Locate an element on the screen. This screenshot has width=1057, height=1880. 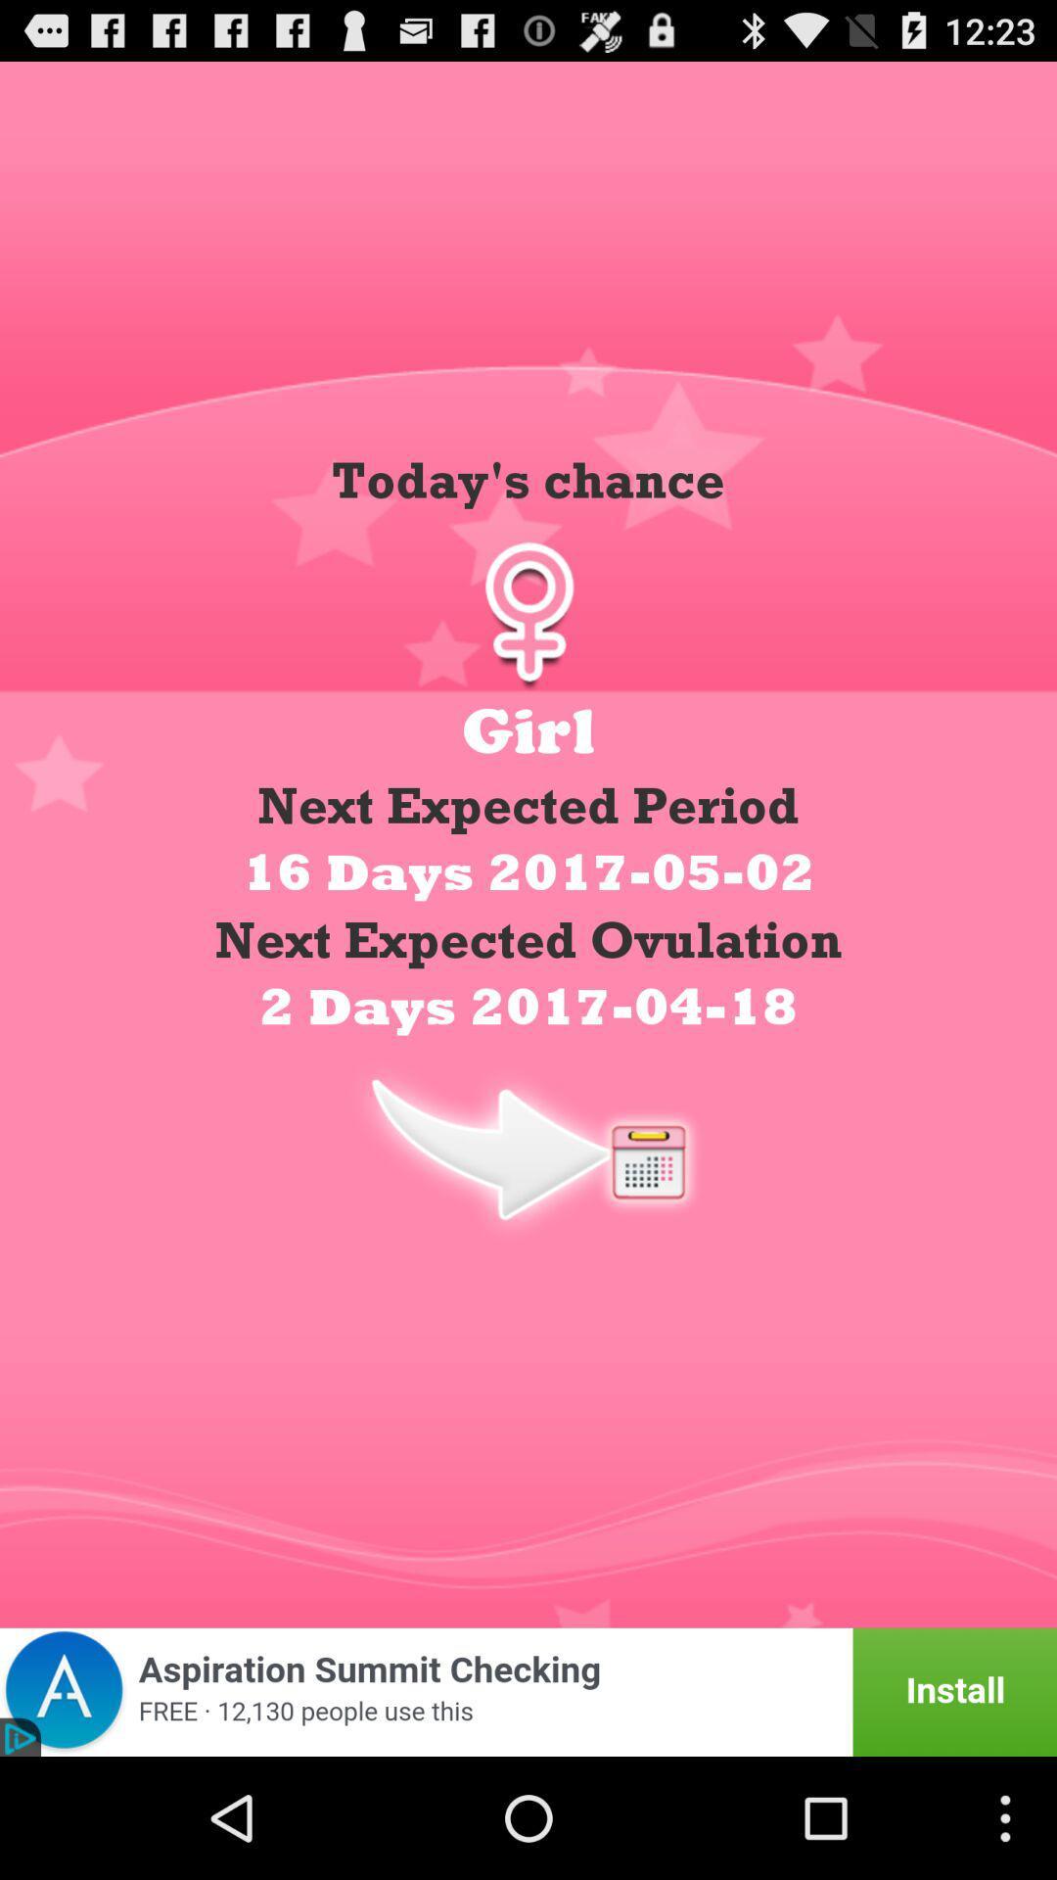
advertisement is located at coordinates (528, 1691).